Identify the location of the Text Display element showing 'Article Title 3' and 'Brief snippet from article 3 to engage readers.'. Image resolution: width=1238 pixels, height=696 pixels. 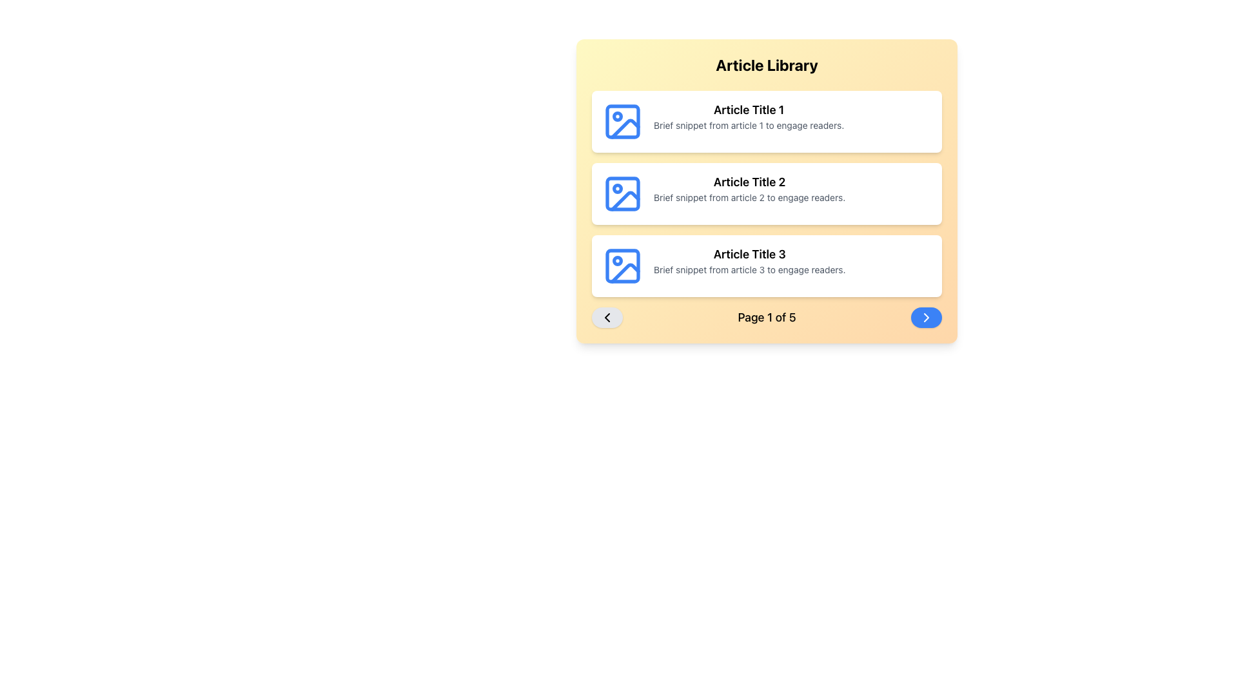
(749, 261).